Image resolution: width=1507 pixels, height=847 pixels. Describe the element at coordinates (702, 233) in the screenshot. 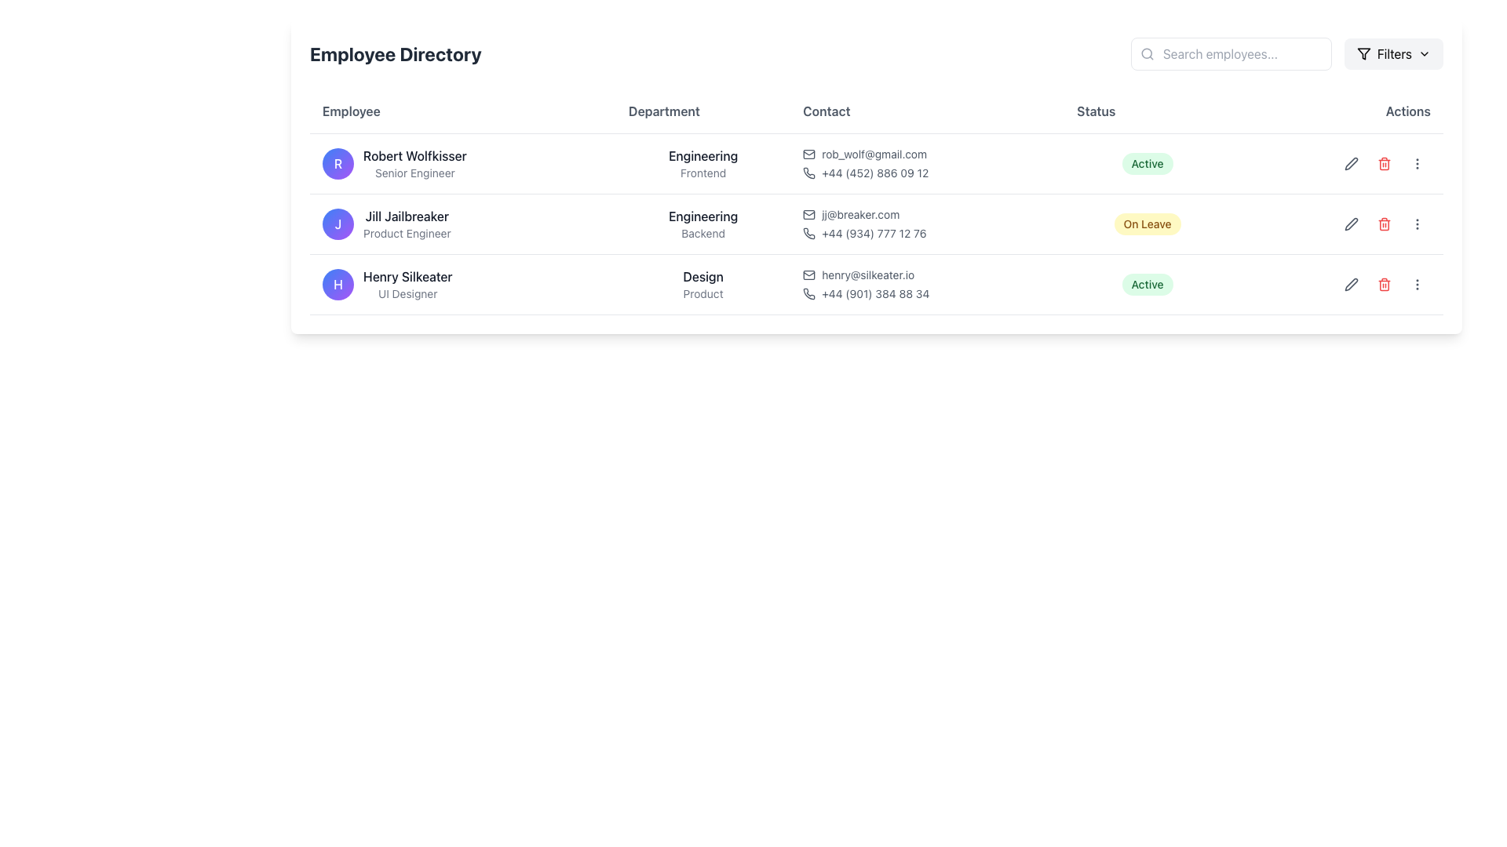

I see `the 'Backend' text label, which is a small, gray label positioned below the 'Engineering' label in the Department column of the tabular interface` at that location.